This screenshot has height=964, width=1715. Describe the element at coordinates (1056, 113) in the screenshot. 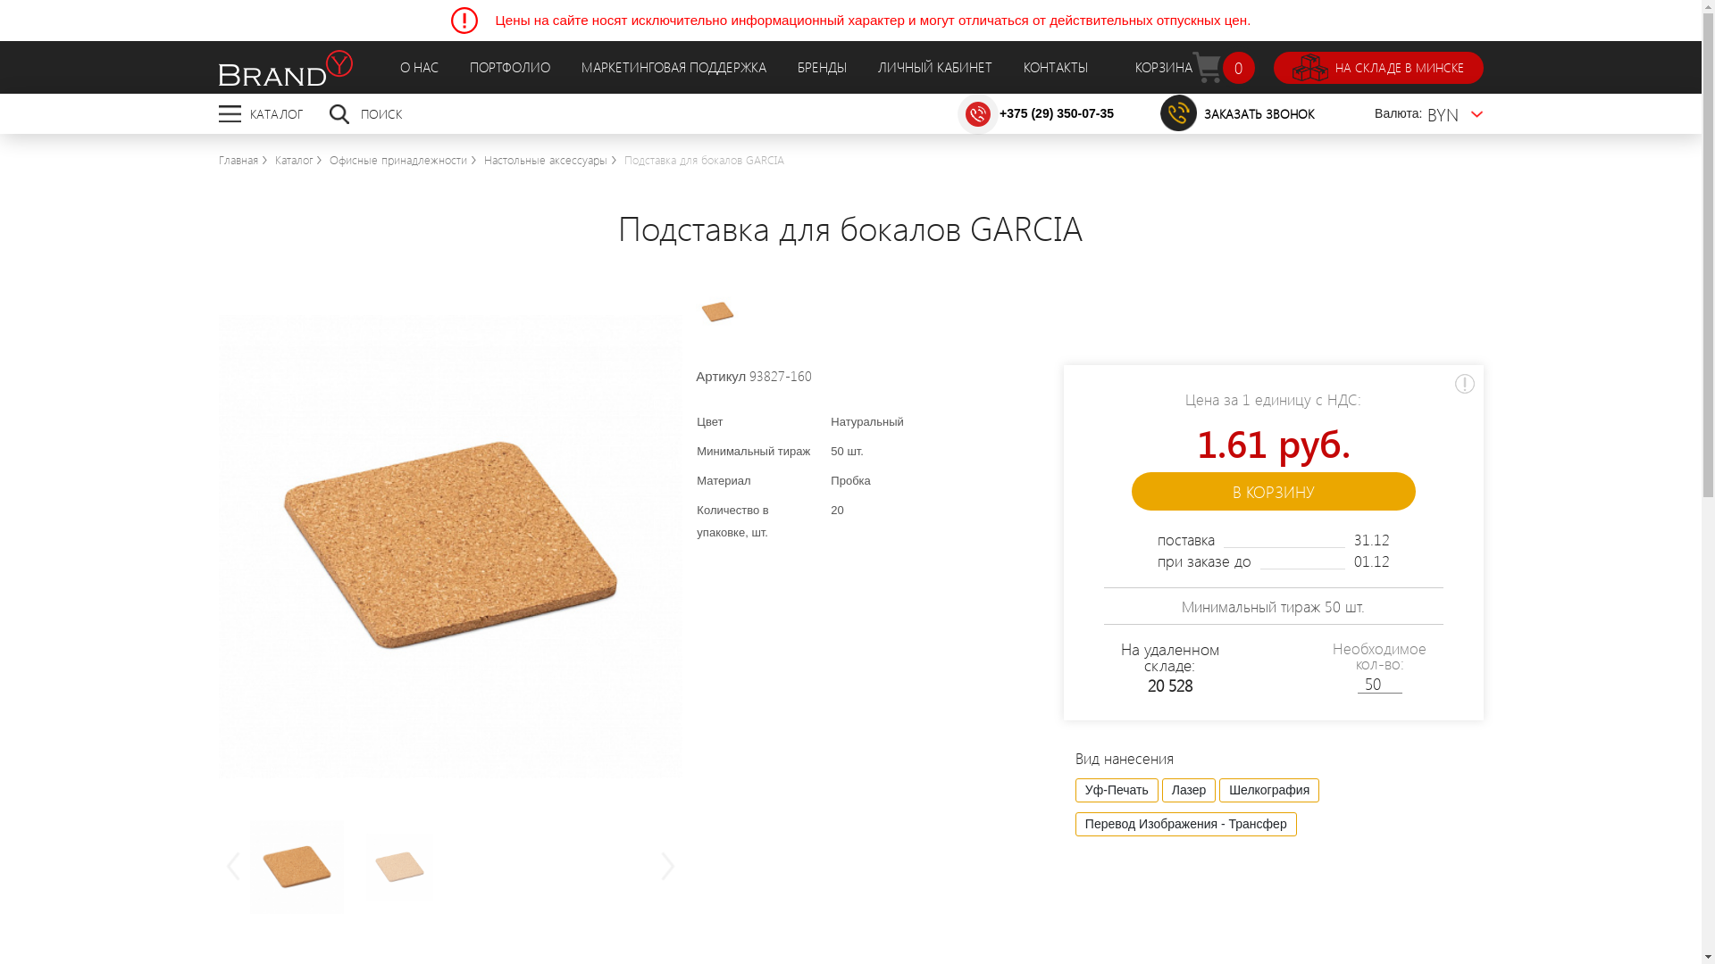

I see `'+375 (29) 350-07-35'` at that location.